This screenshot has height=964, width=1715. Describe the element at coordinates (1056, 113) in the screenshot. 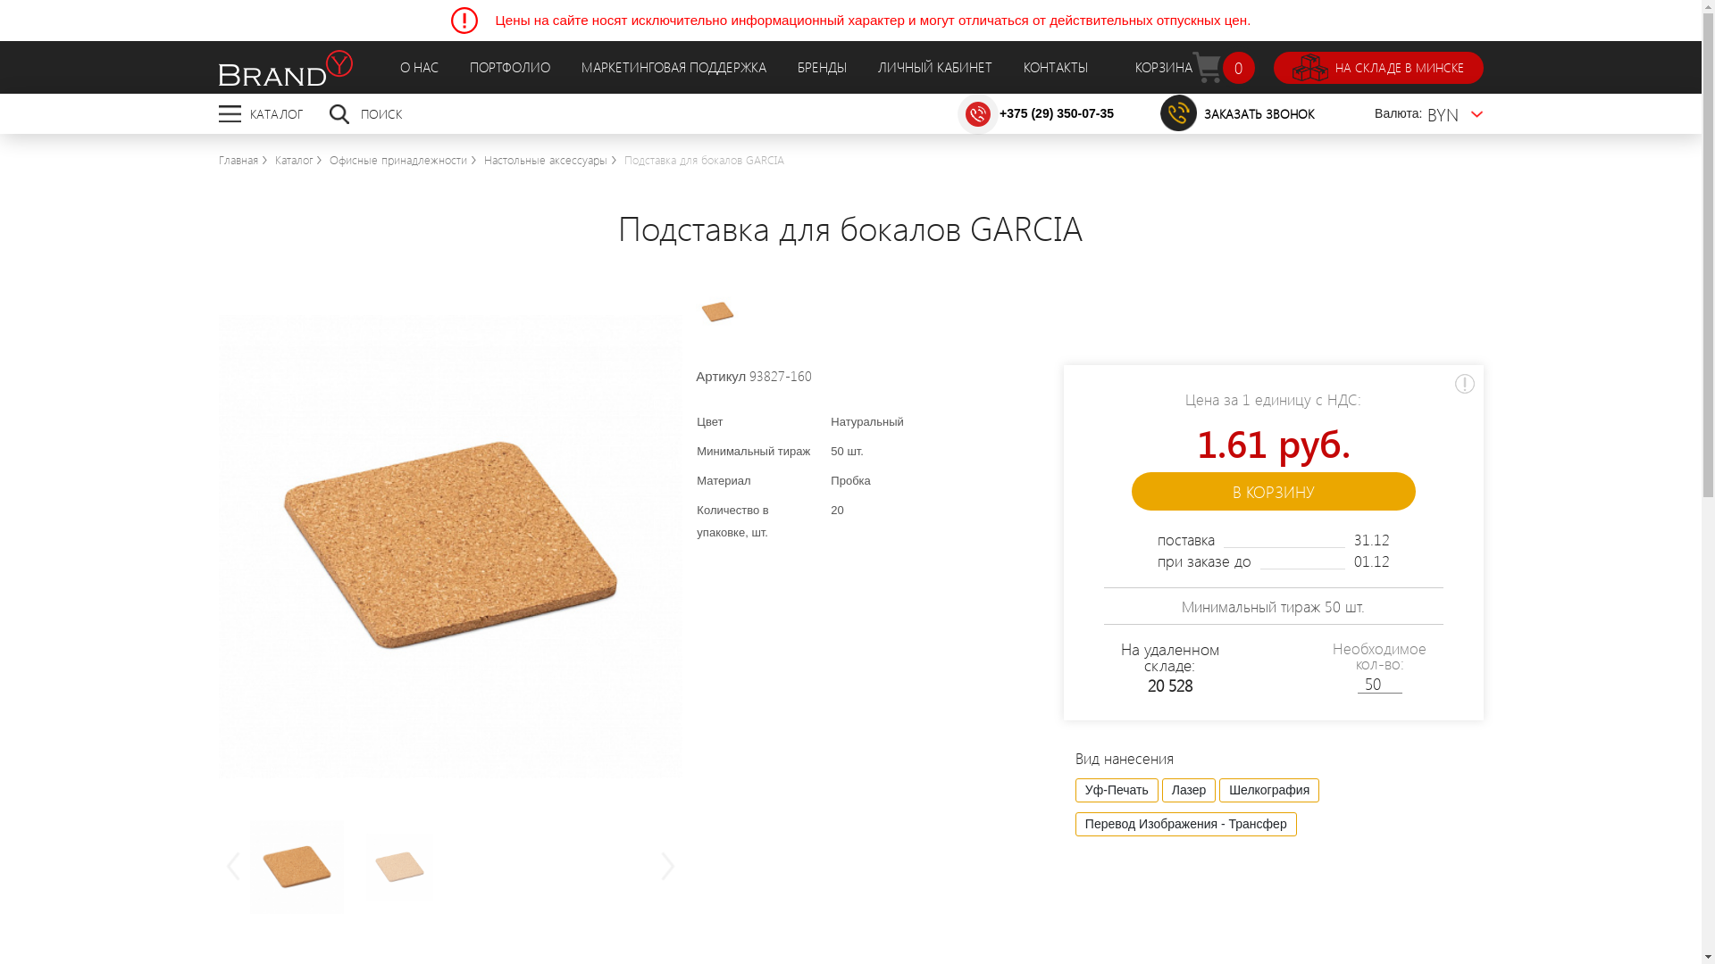

I see `'+375 (29) 350-07-35'` at that location.